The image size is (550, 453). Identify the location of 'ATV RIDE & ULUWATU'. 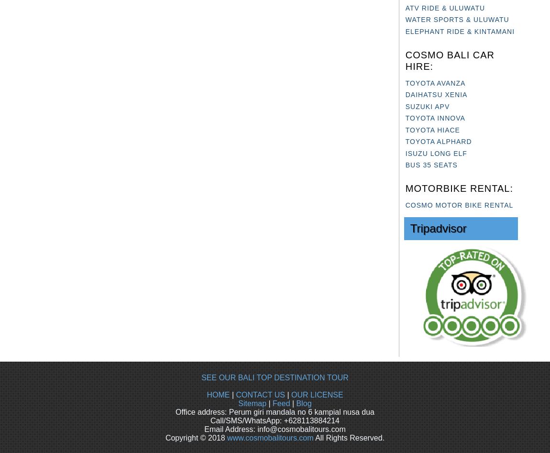
(445, 8).